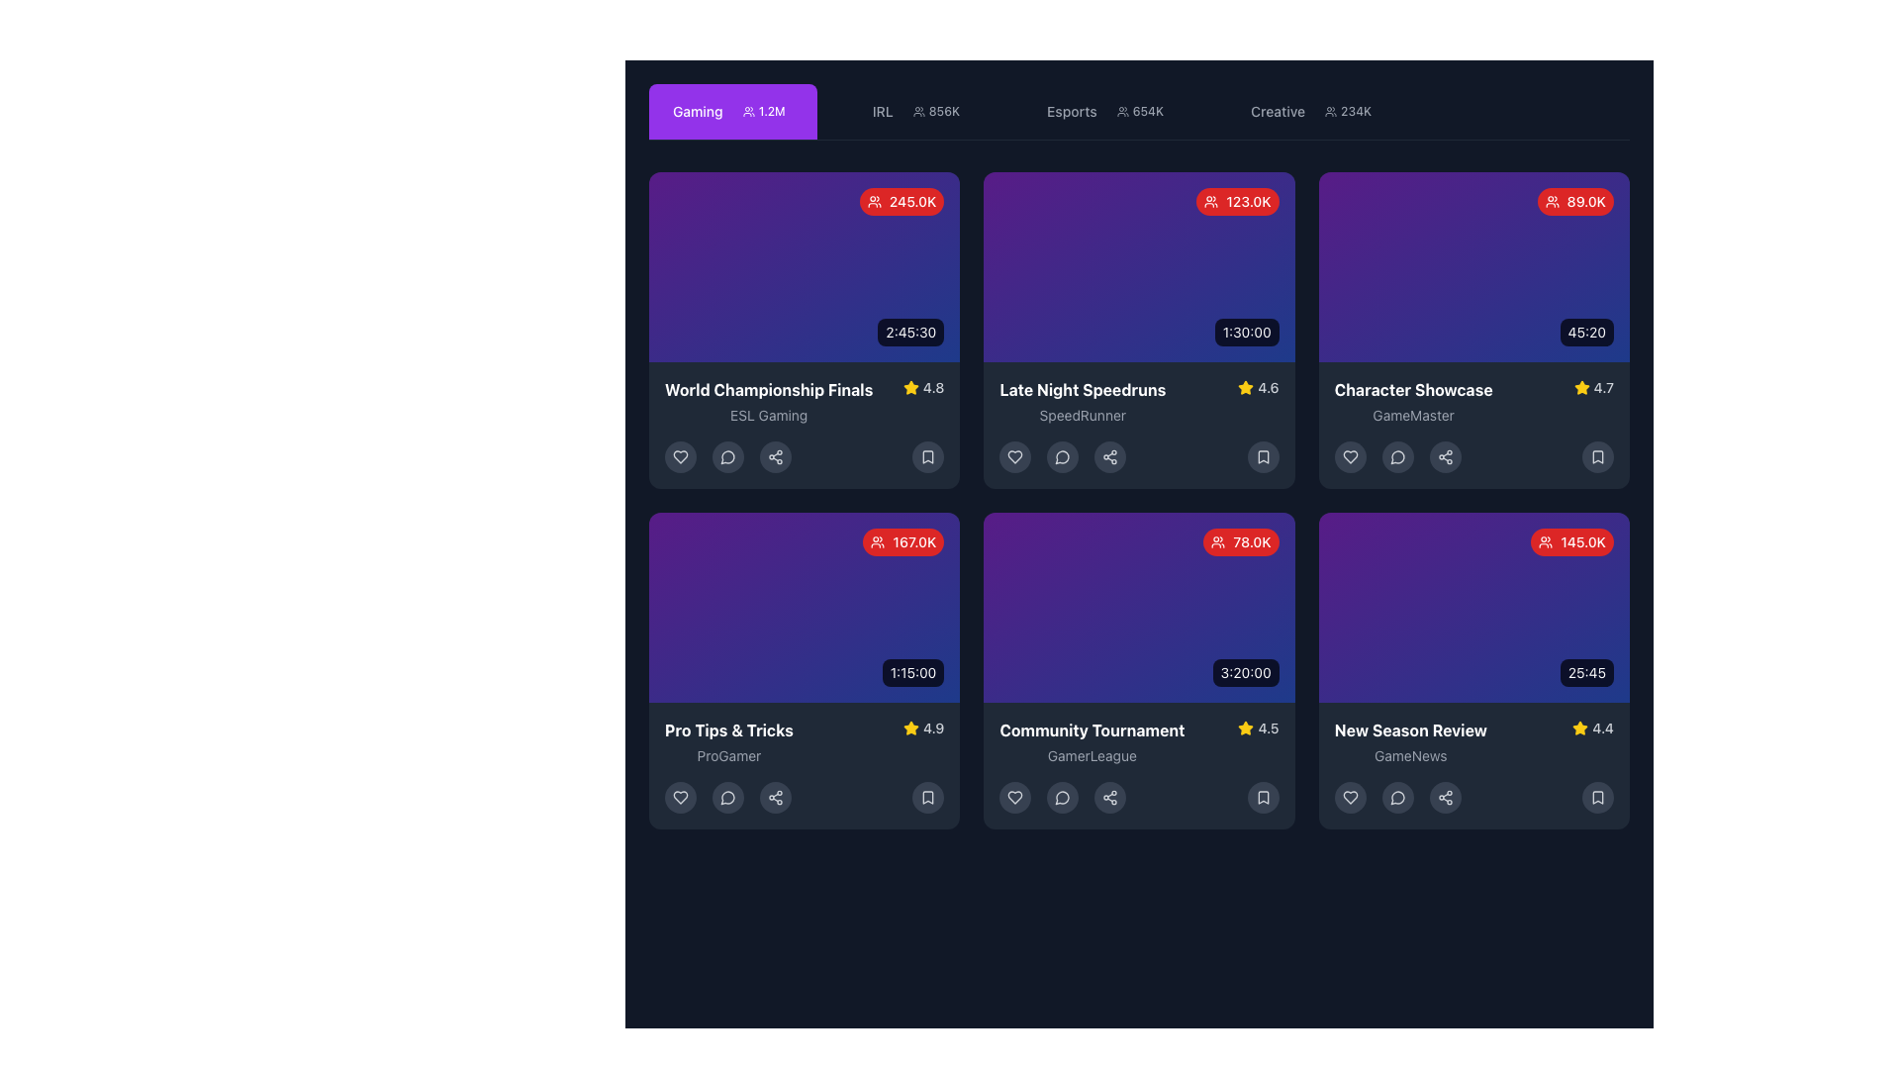 This screenshot has height=1069, width=1900. What do you see at coordinates (747, 111) in the screenshot?
I see `the small user group icon within the rounded purple background tab labeled '1.2M' in the 'Gaming' section` at bounding box center [747, 111].